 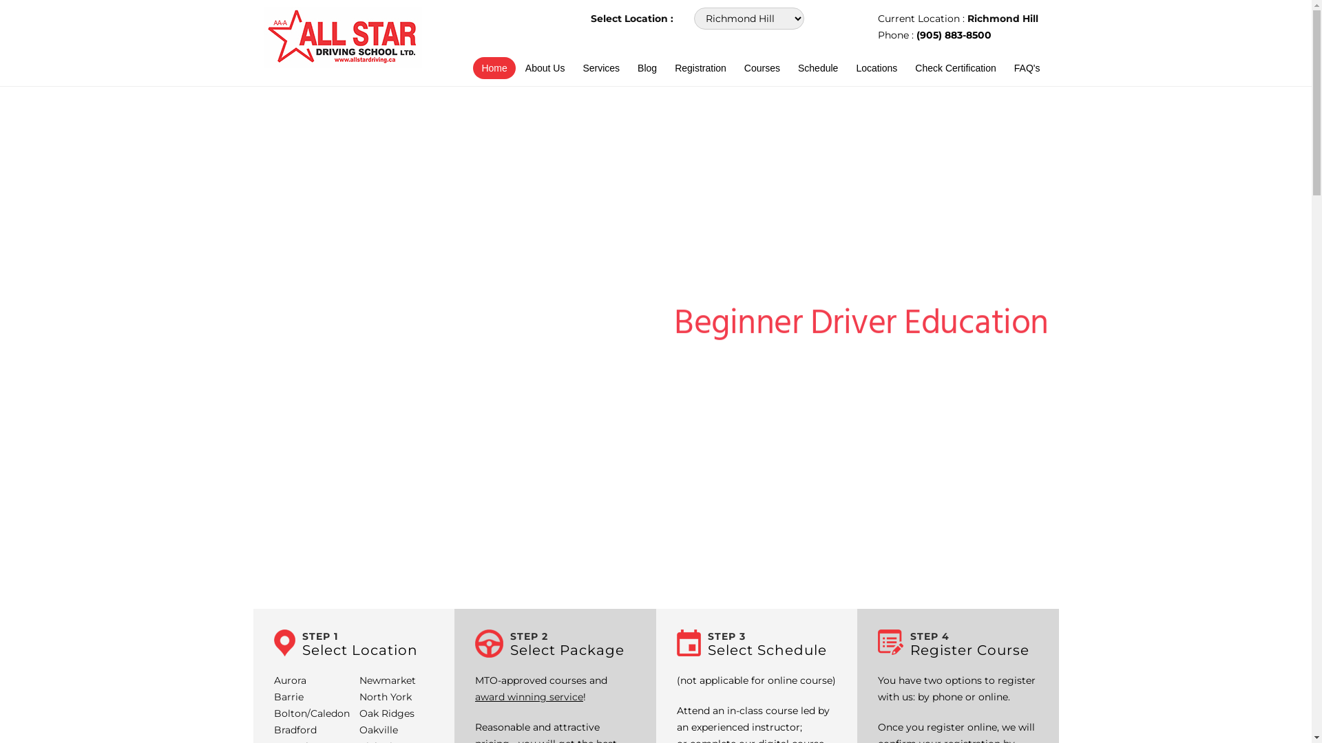 I want to click on 'Barrie', so click(x=288, y=697).